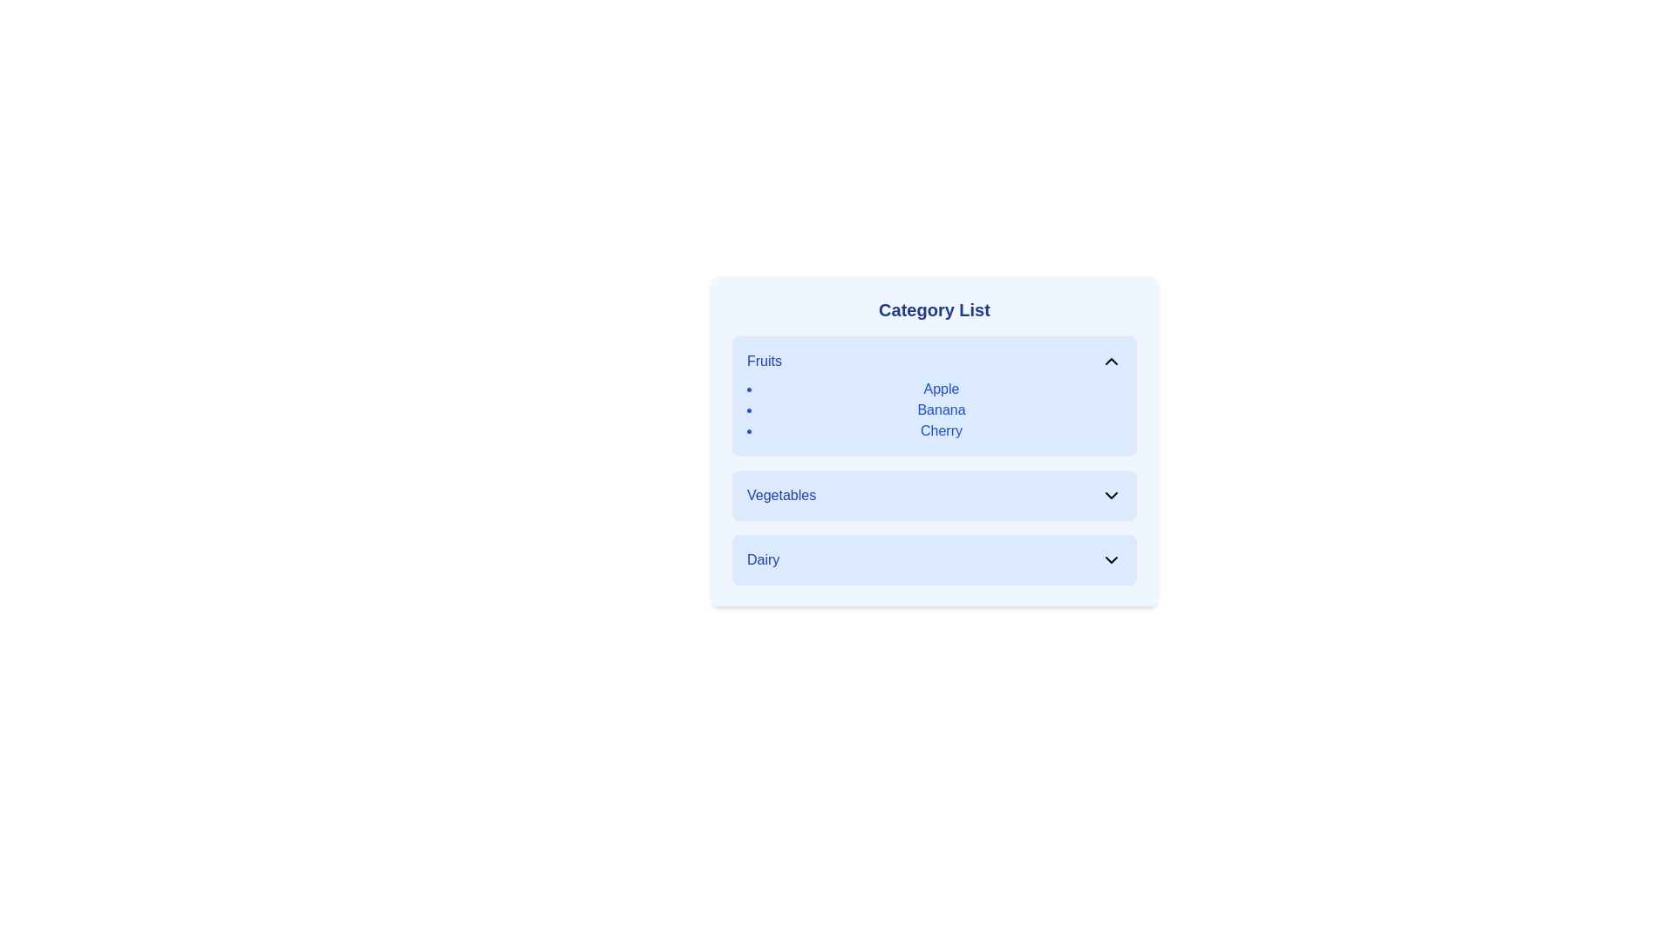 Image resolution: width=1674 pixels, height=941 pixels. Describe the element at coordinates (1111, 560) in the screenshot. I see `the chevron icon that controls the dropdown menu for the 'Dairy' category, located at the far-right side of the Category List interface` at that location.